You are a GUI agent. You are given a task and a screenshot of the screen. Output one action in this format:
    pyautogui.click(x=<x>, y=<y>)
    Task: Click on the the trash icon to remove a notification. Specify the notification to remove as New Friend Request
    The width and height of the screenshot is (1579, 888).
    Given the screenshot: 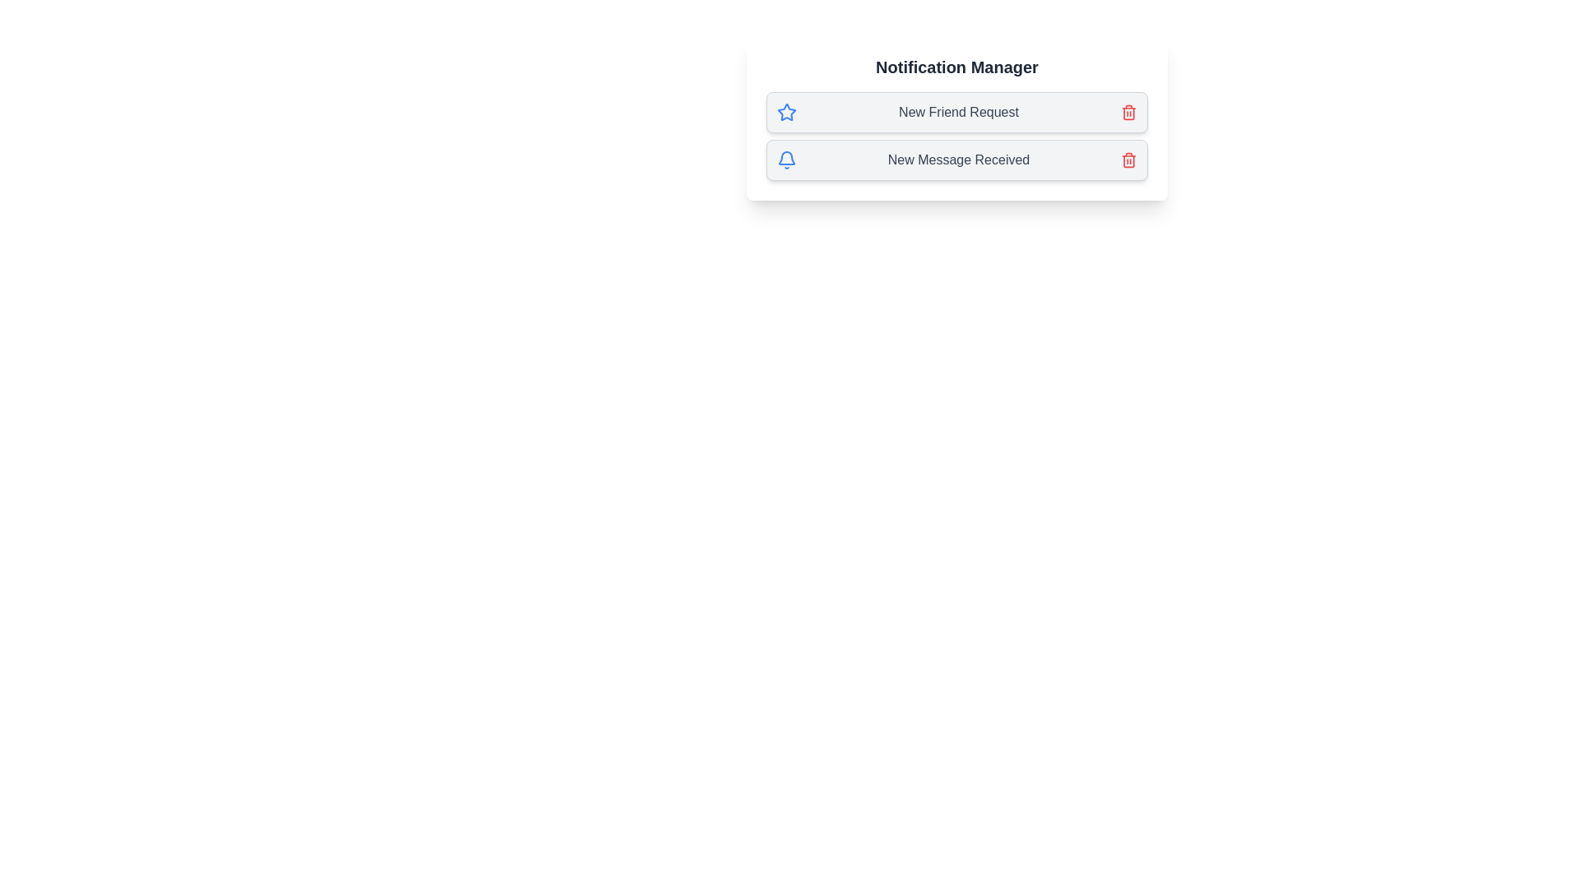 What is the action you would take?
    pyautogui.click(x=1128, y=112)
    